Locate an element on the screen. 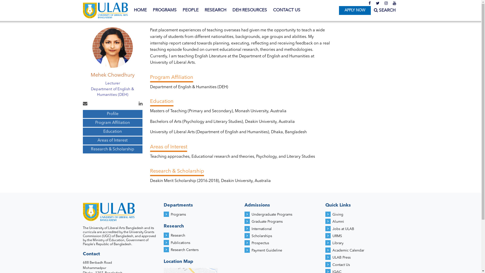 This screenshot has height=273, width=485. 'Giving' is located at coordinates (332, 214).